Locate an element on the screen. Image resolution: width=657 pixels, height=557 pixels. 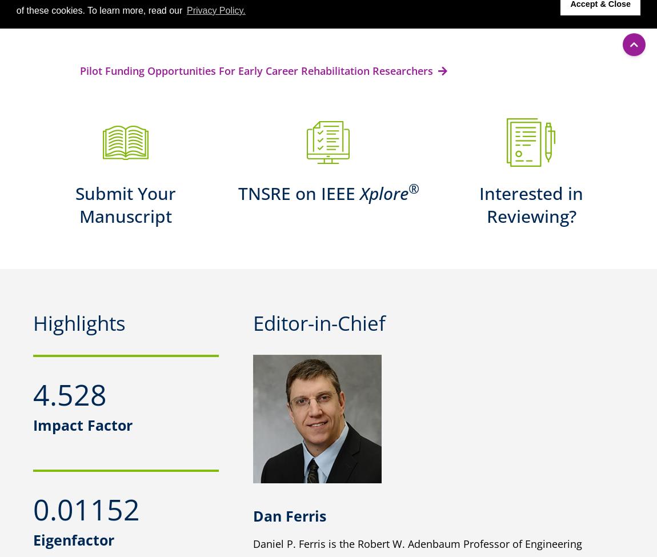
'0.01152' is located at coordinates (85, 509).